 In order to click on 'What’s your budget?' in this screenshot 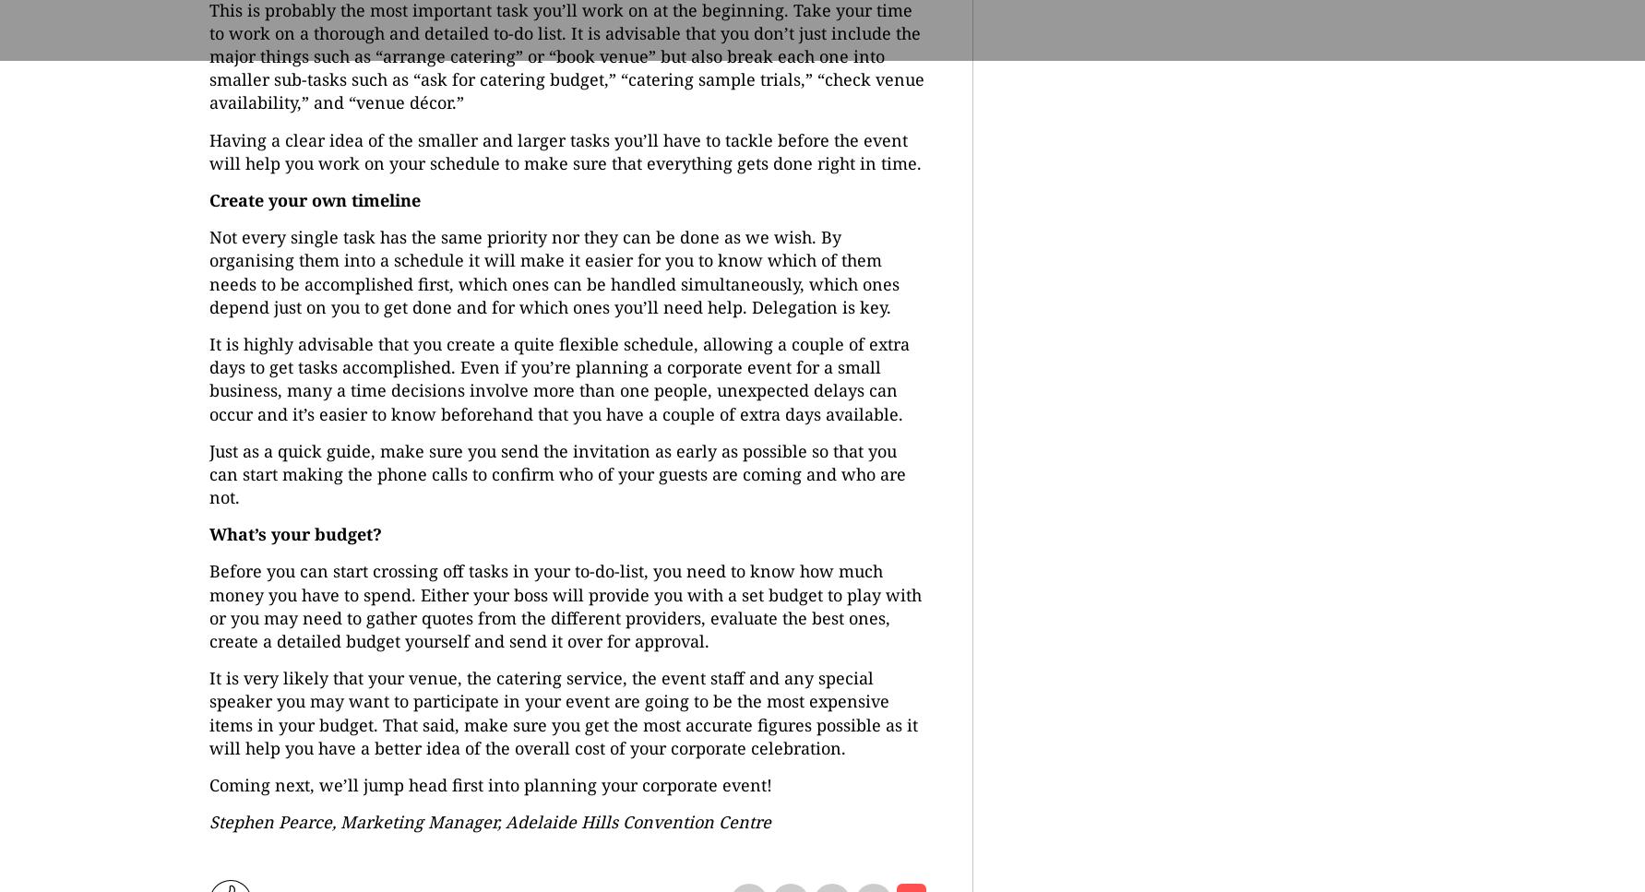, I will do `click(209, 533)`.